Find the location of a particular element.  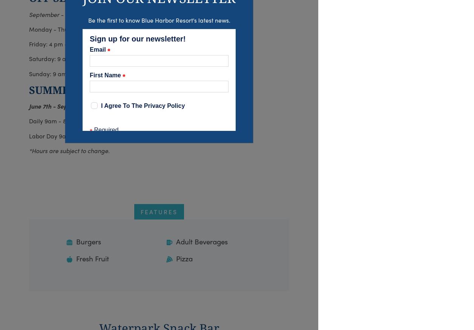

'Sunday: 9 am - 6 pm' is located at coordinates (29, 73).